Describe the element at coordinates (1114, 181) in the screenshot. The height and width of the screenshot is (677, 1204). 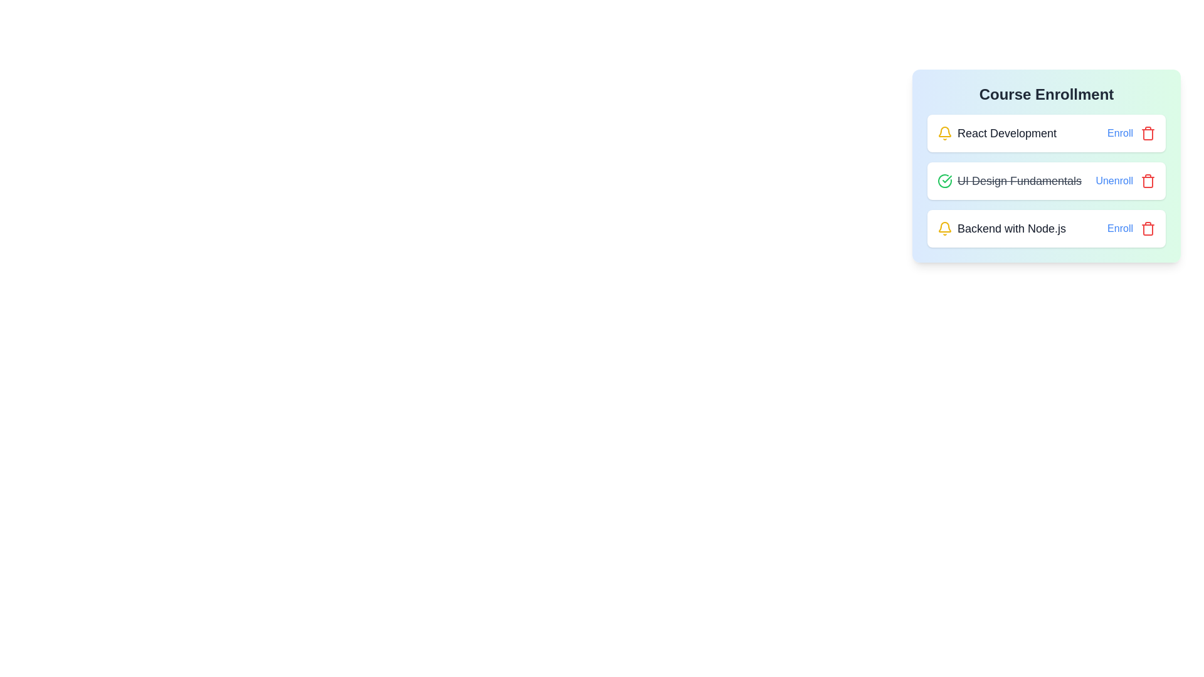
I see `the enrollment toggle button for the course UI Design Fundamentals` at that location.